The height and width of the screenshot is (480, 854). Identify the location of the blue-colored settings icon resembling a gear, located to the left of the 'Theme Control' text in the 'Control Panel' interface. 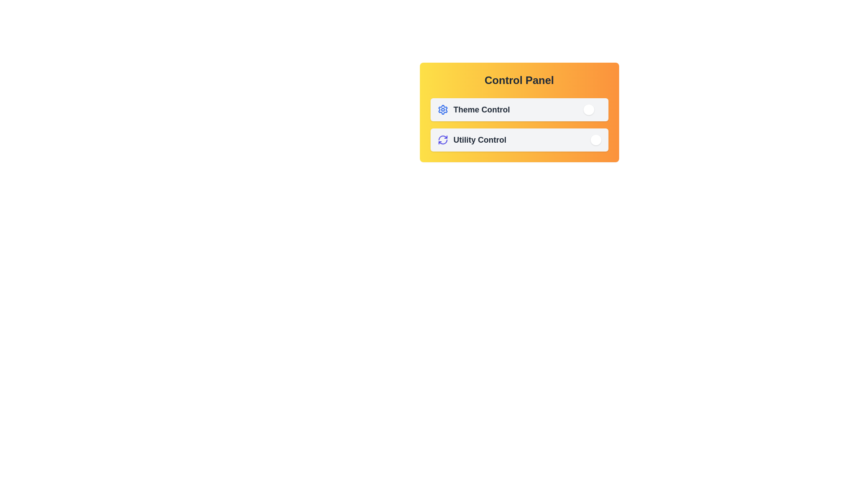
(443, 109).